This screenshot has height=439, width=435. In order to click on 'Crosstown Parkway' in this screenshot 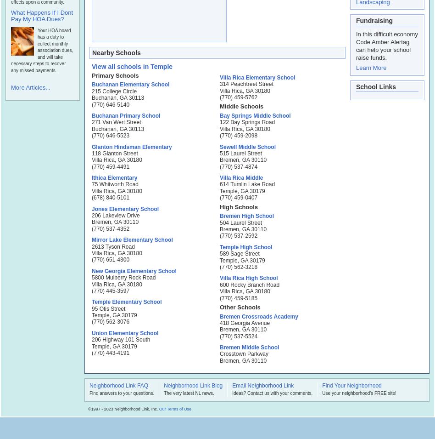, I will do `click(244, 353)`.